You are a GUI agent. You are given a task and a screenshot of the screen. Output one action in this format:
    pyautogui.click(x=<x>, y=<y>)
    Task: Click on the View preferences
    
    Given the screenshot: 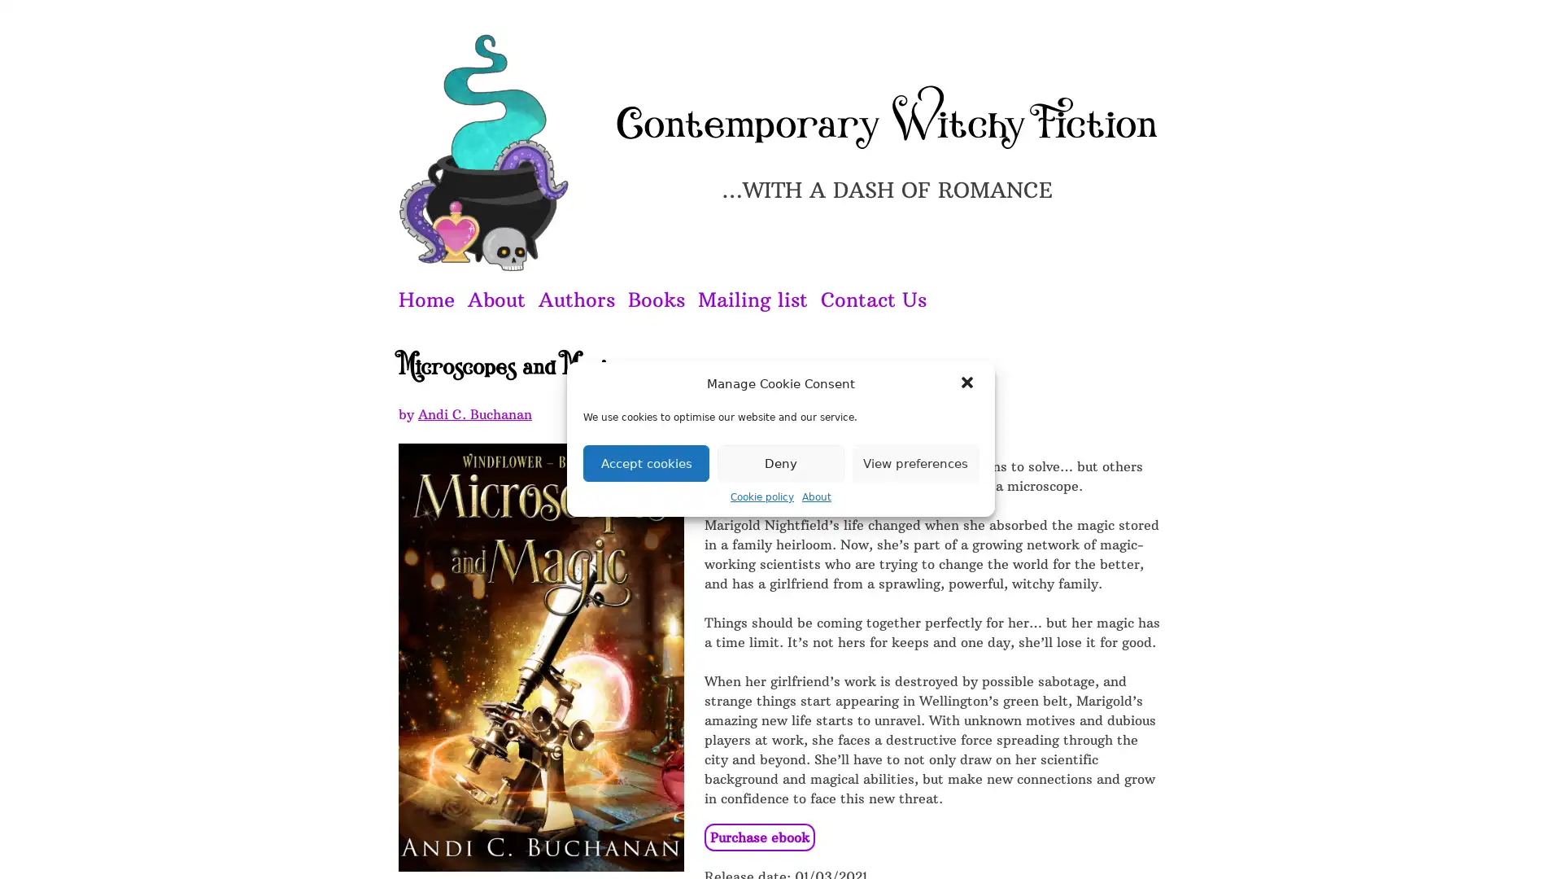 What is the action you would take?
    pyautogui.click(x=914, y=463)
    